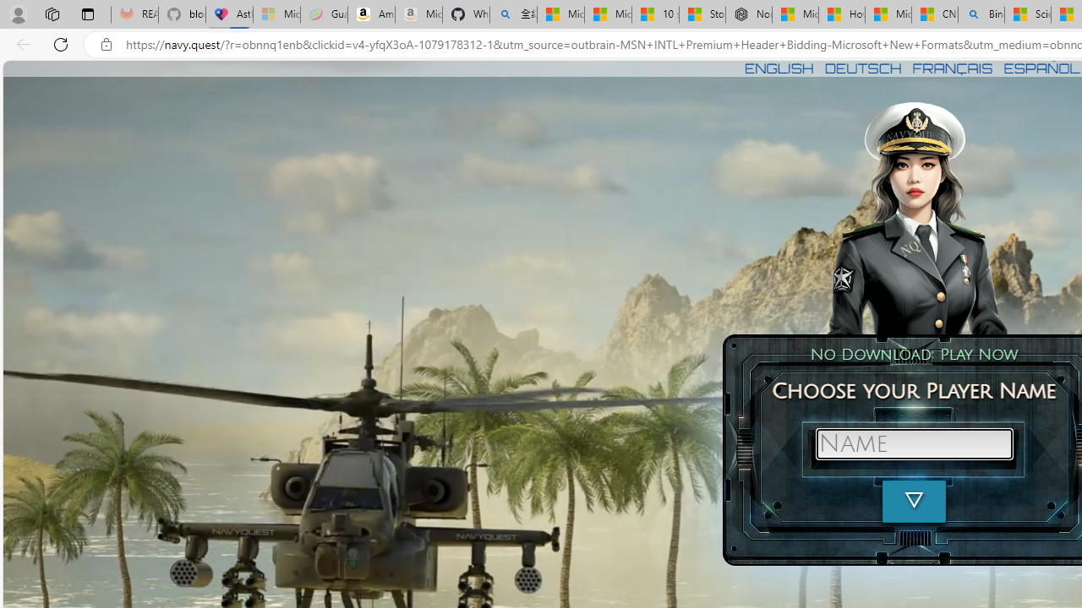 The image size is (1082, 608). I want to click on 'Asthma Inhalers: Names and Types', so click(229, 14).